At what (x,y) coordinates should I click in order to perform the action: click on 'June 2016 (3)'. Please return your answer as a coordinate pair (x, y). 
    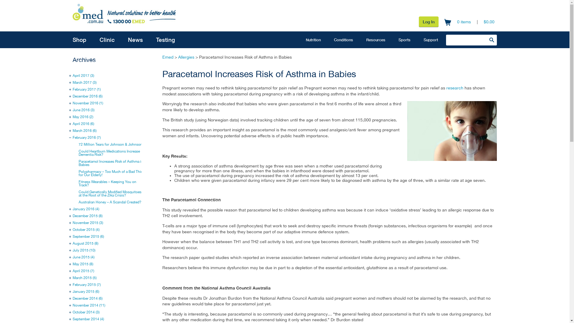
    Looking at the image, I should click on (83, 110).